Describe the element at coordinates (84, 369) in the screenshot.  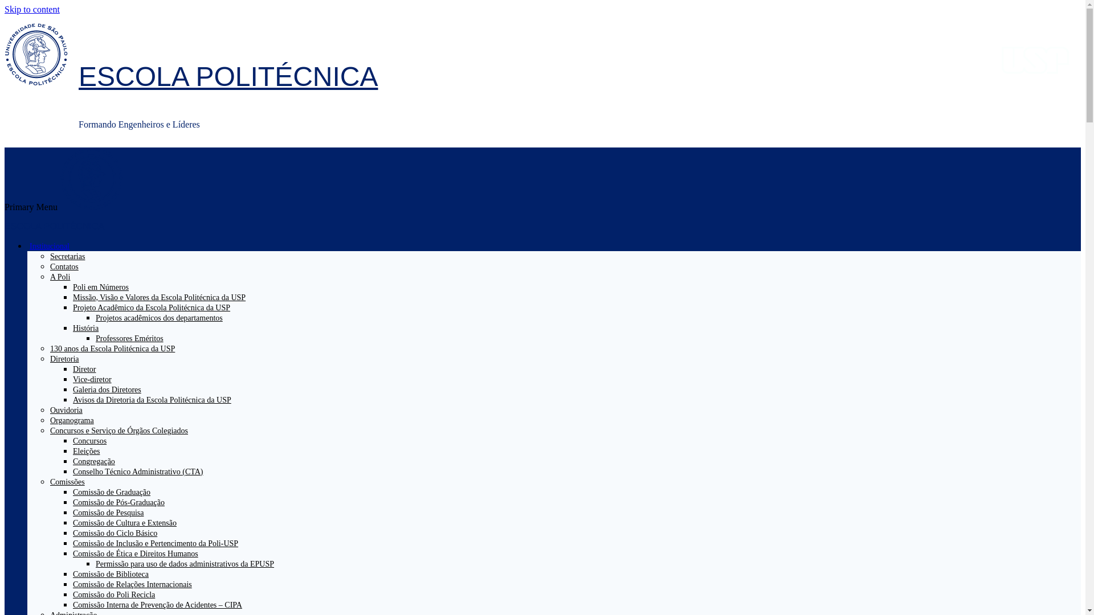
I see `'Diretor'` at that location.